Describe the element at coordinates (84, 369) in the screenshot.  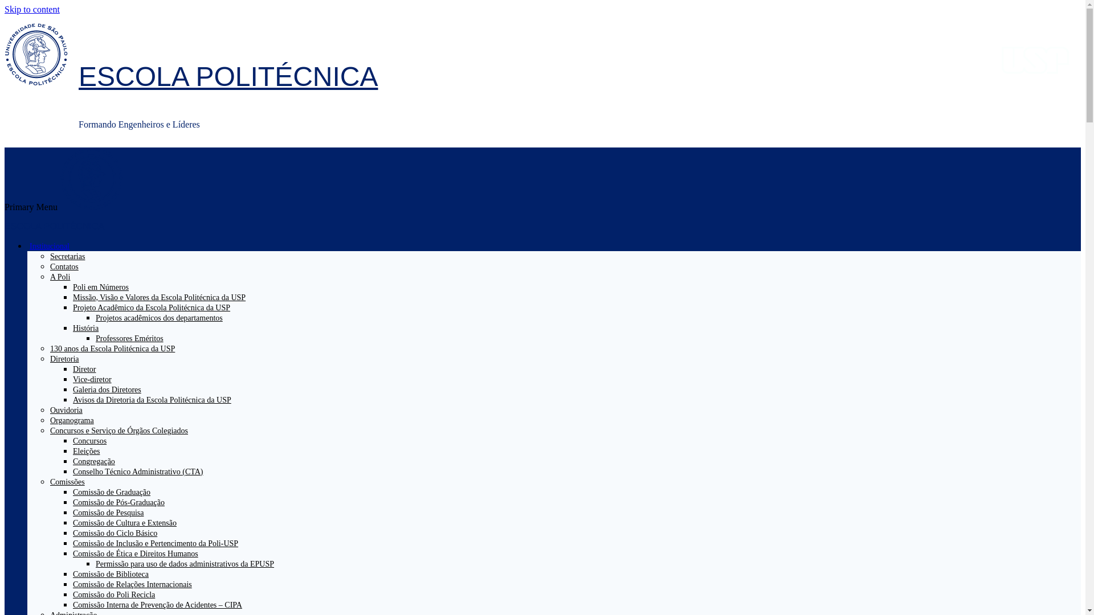
I see `'Diretor'` at that location.